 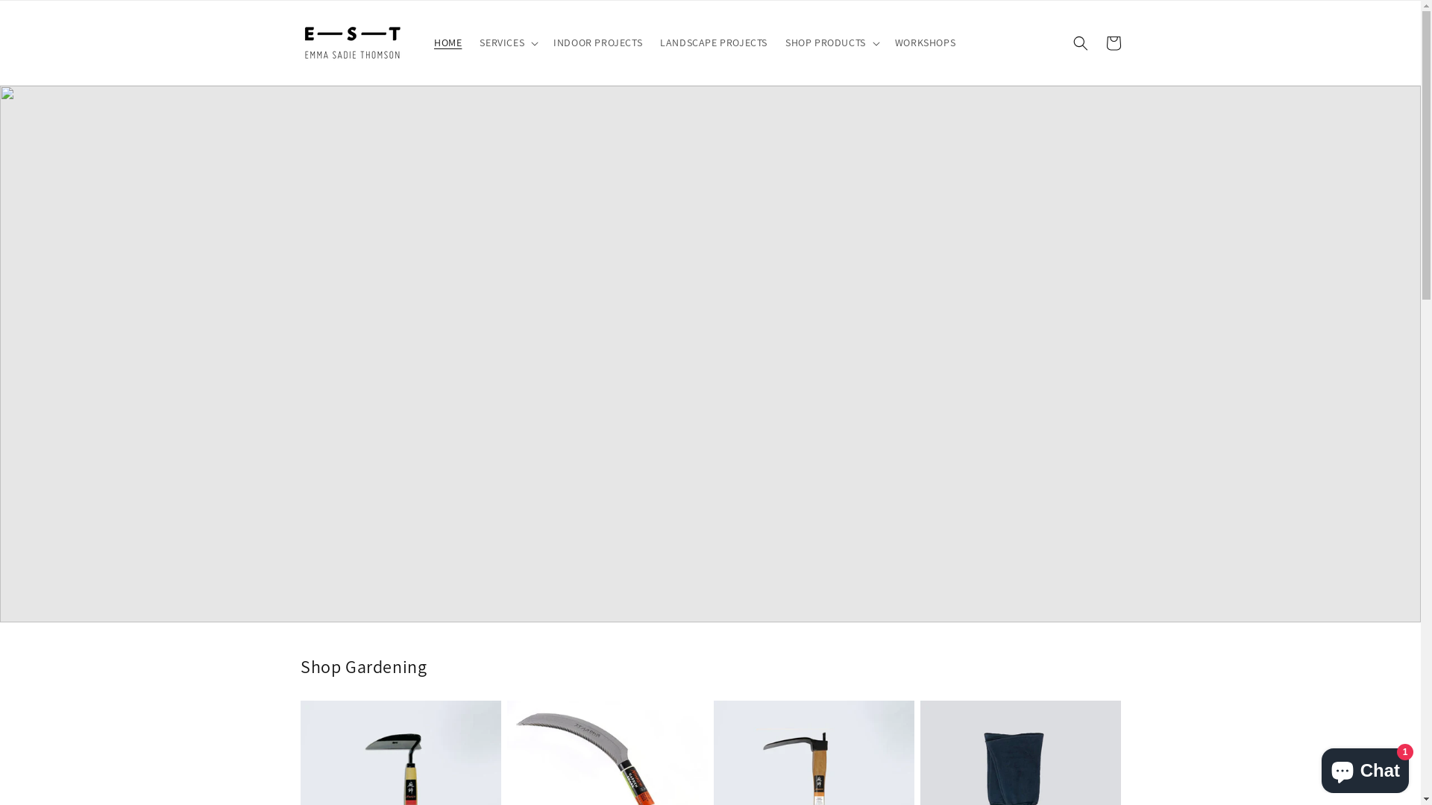 What do you see at coordinates (1113, 42) in the screenshot?
I see `'Cart'` at bounding box center [1113, 42].